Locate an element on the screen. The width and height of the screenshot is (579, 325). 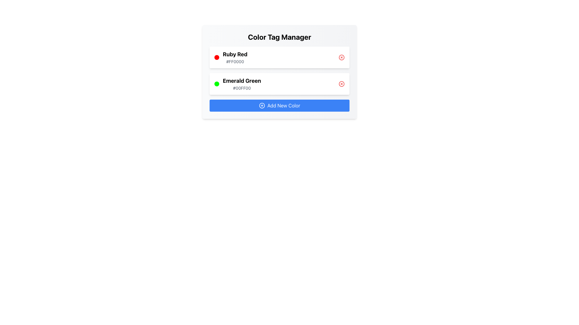
the 'Emerald Green' text label, which serves as a title for the color category in the interface, positioned above the 'Add New Color' button and below the 'Ruby Red' group is located at coordinates (242, 81).